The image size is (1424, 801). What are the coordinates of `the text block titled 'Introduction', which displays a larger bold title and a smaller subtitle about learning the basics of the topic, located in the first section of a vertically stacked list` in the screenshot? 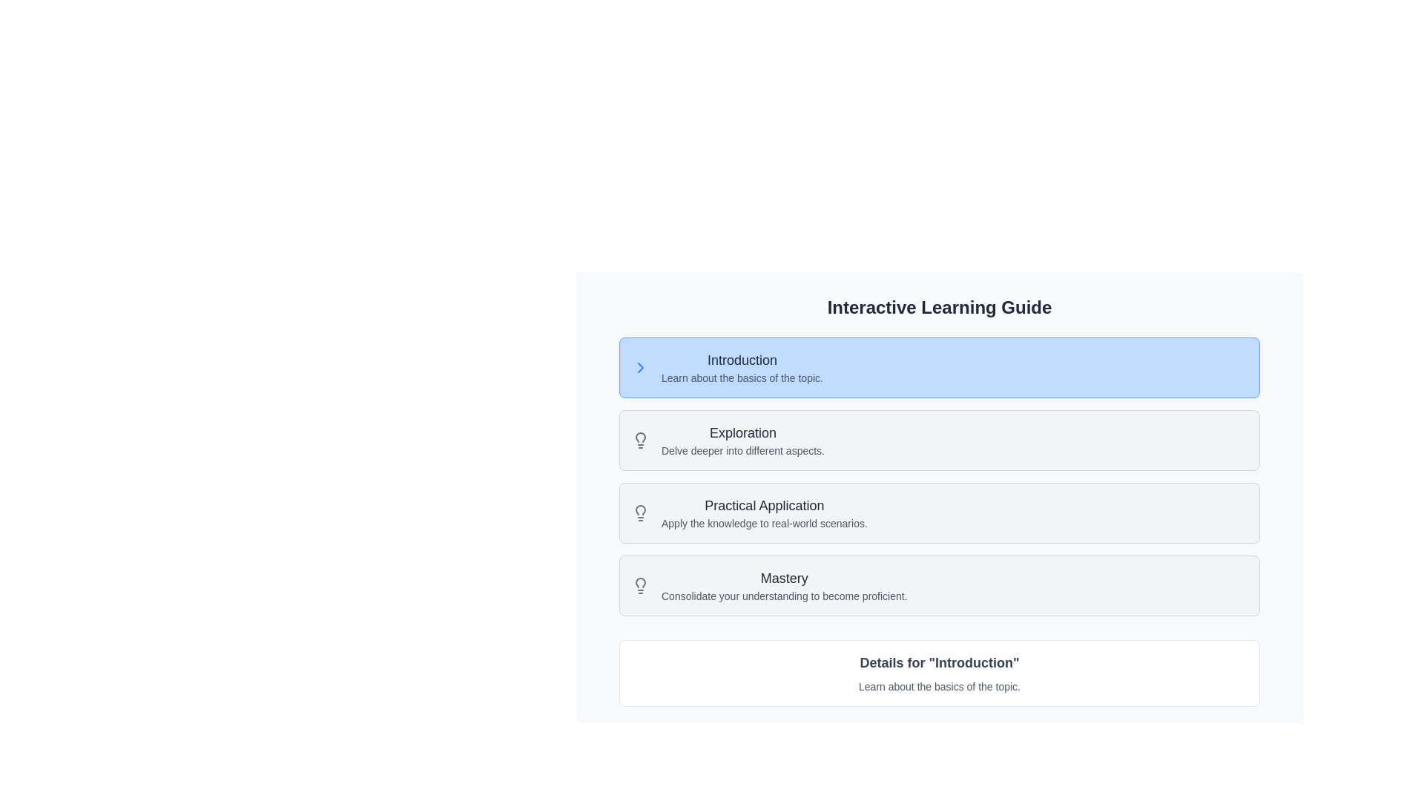 It's located at (742, 367).